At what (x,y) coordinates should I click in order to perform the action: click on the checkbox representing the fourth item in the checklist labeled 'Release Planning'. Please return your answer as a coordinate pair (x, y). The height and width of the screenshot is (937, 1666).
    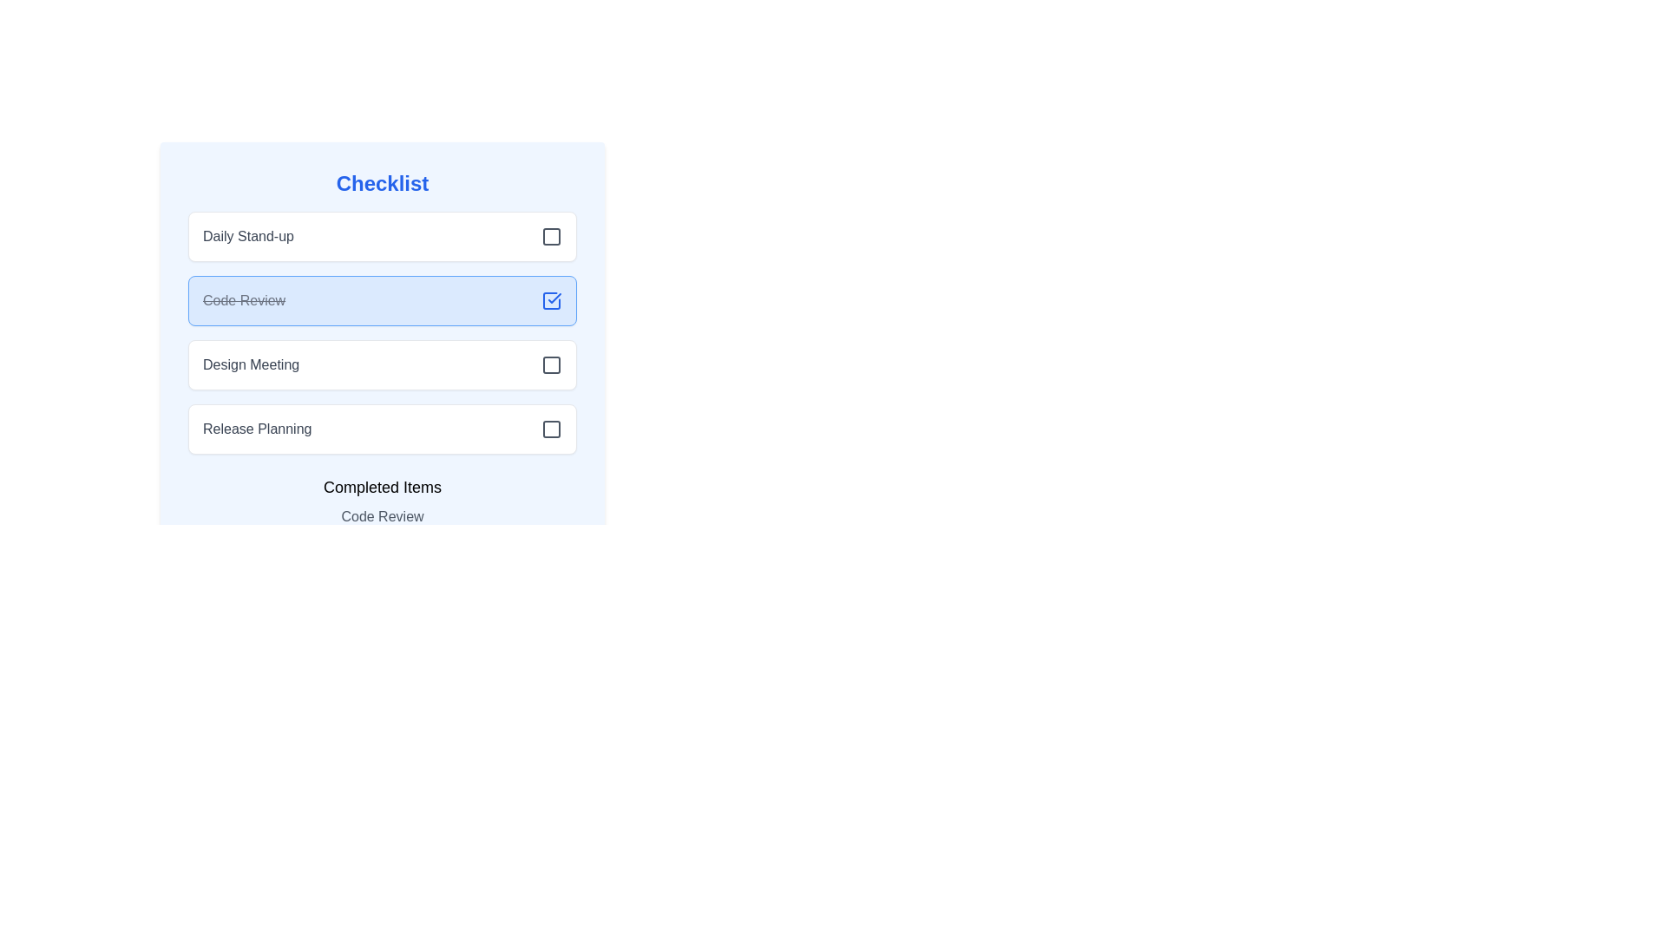
    Looking at the image, I should click on (550, 429).